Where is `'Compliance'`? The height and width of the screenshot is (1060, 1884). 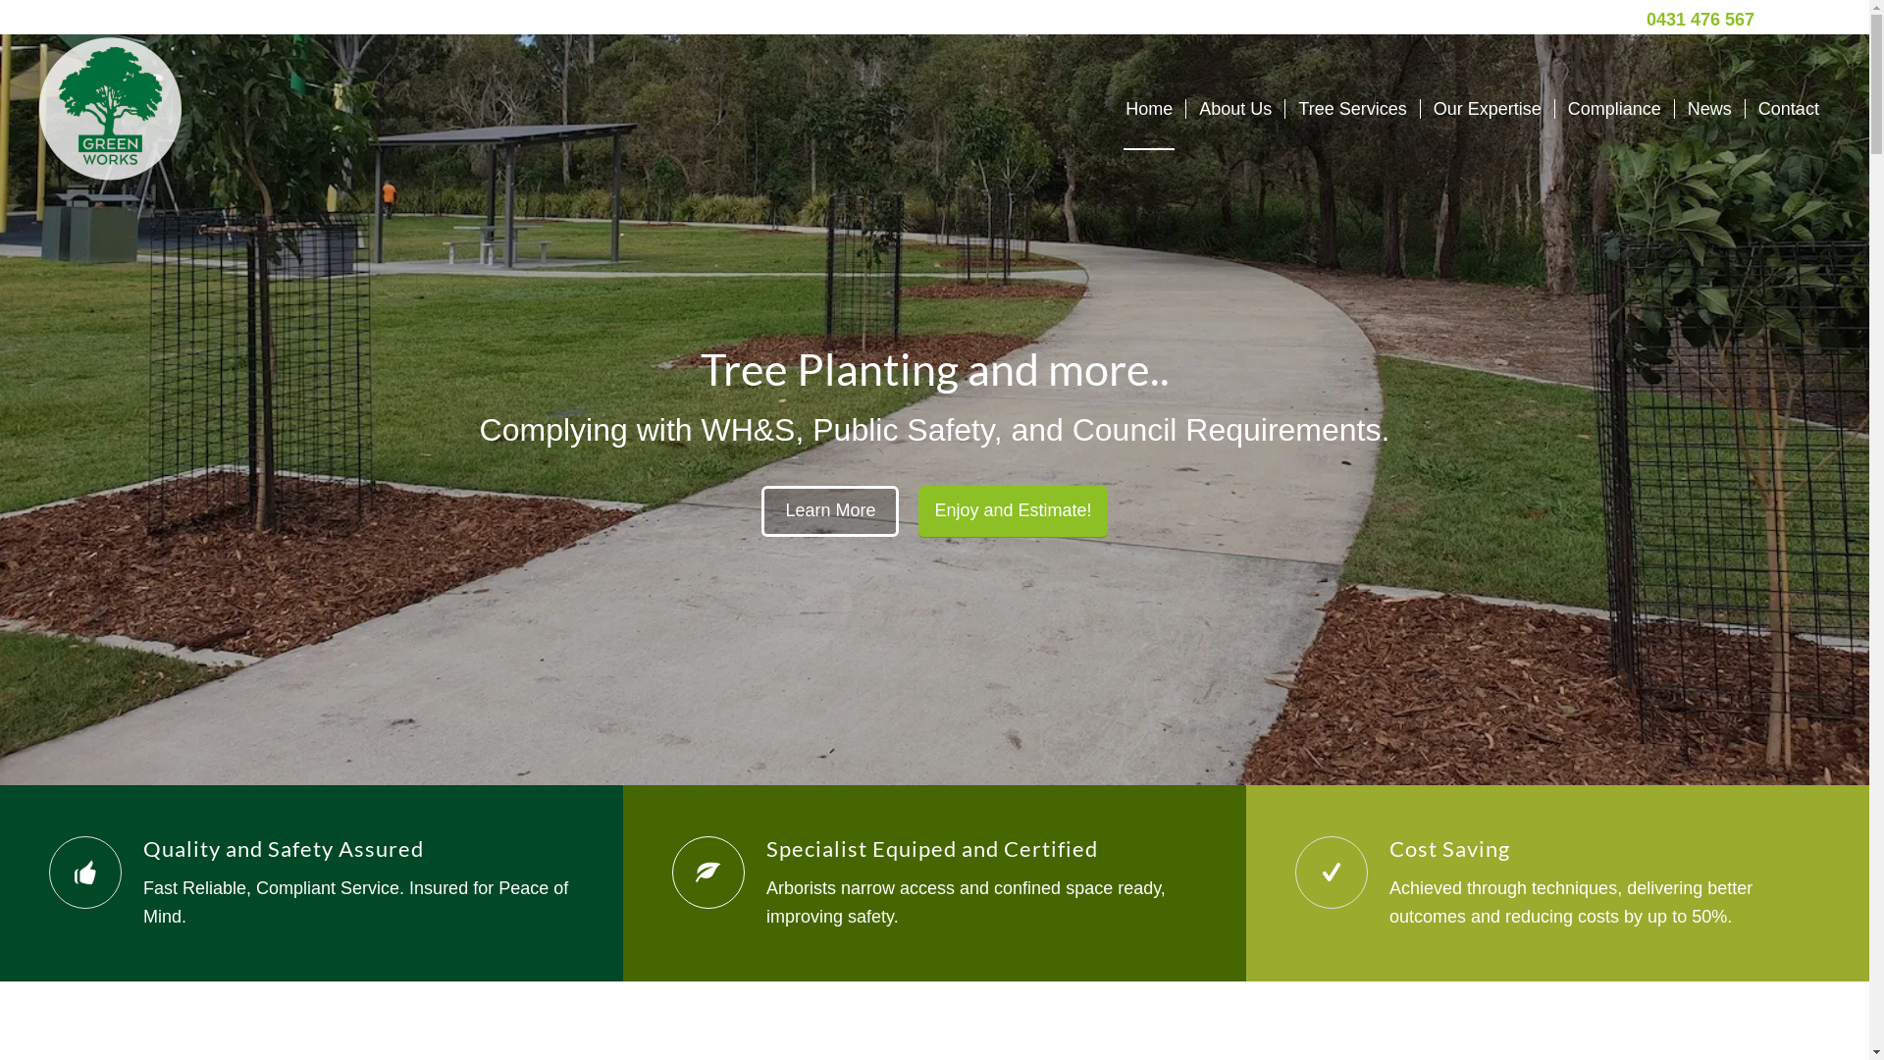
'Compliance' is located at coordinates (1614, 109).